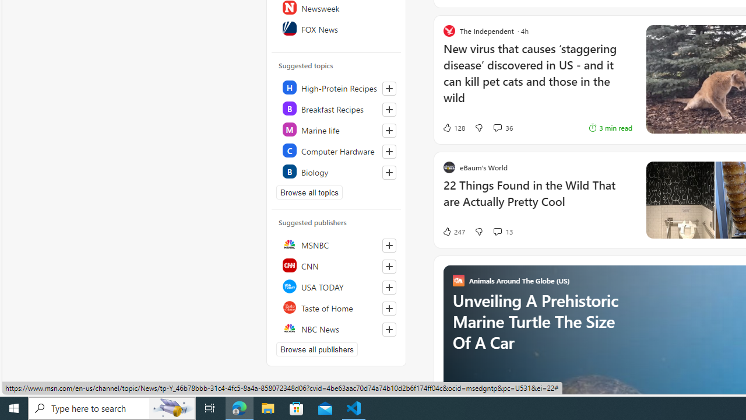  What do you see at coordinates (497, 231) in the screenshot?
I see `'View comments 13 Comment'` at bounding box center [497, 231].